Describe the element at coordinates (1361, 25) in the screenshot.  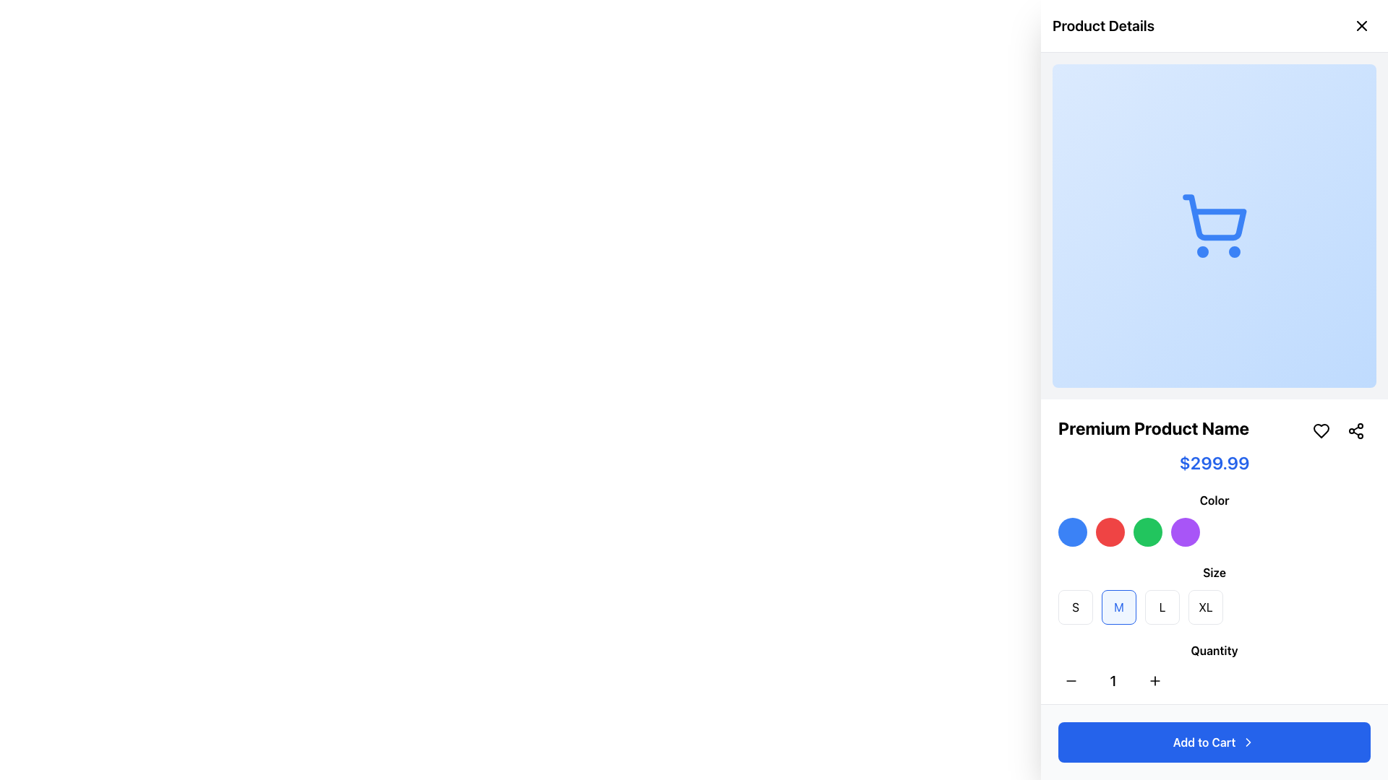
I see `the circular close button with an X icon located at the far right of the 'Product Details' header section` at that location.